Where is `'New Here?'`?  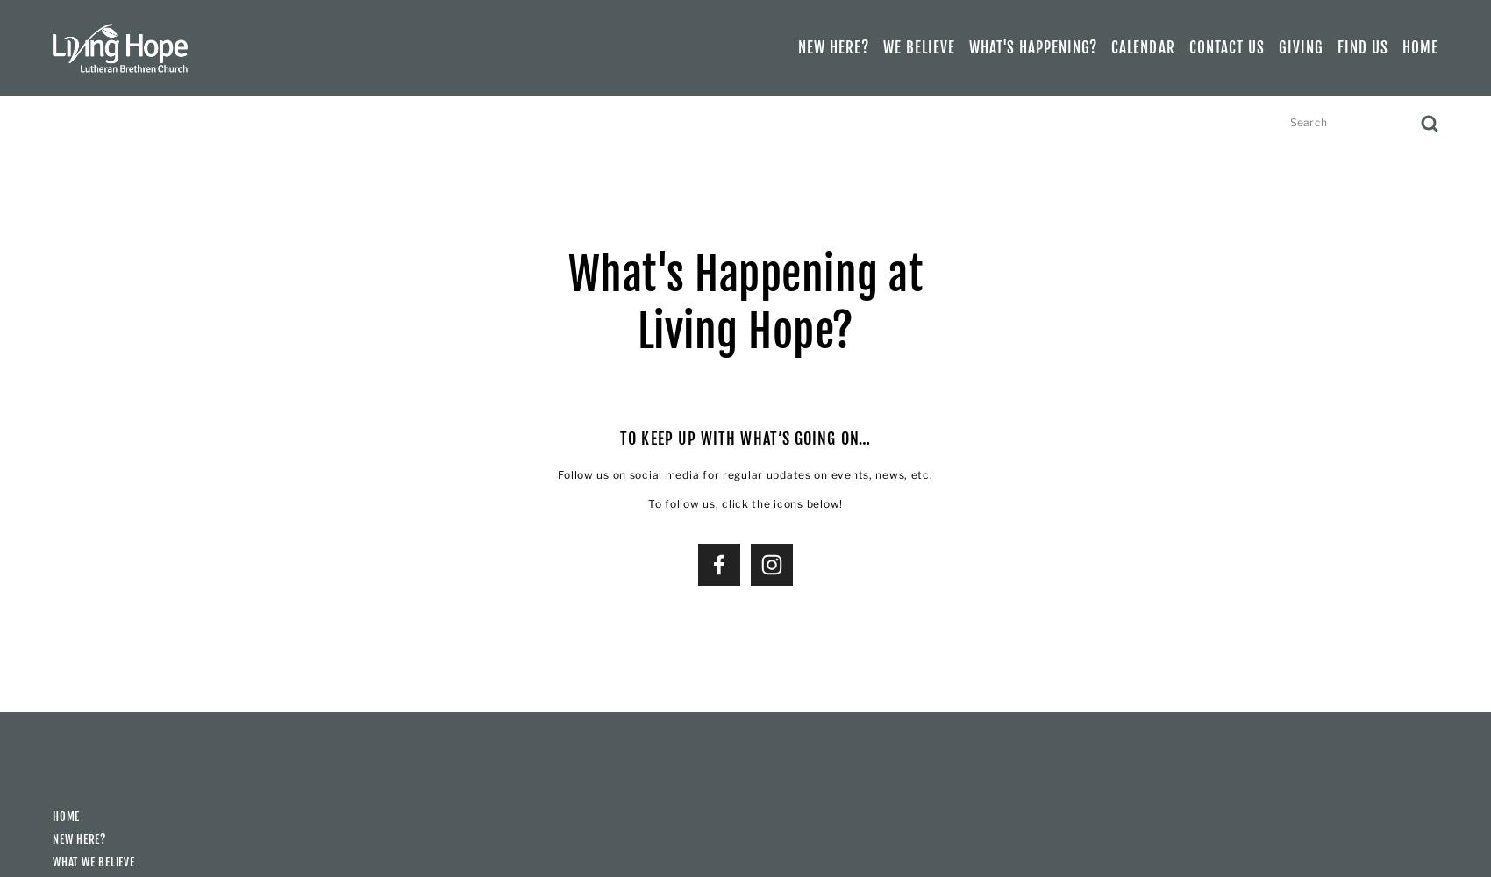 'New Here?' is located at coordinates (79, 838).